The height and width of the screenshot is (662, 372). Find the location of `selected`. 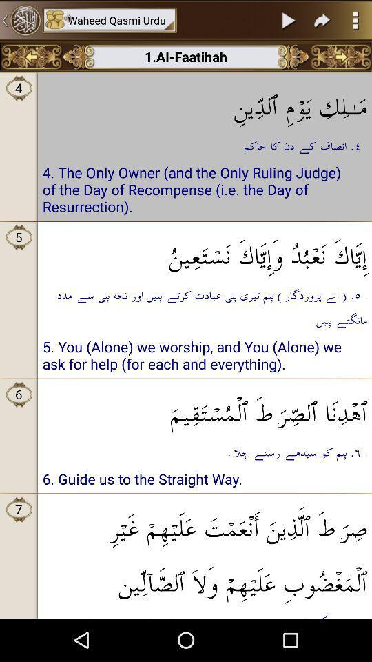

selected is located at coordinates (289, 19).